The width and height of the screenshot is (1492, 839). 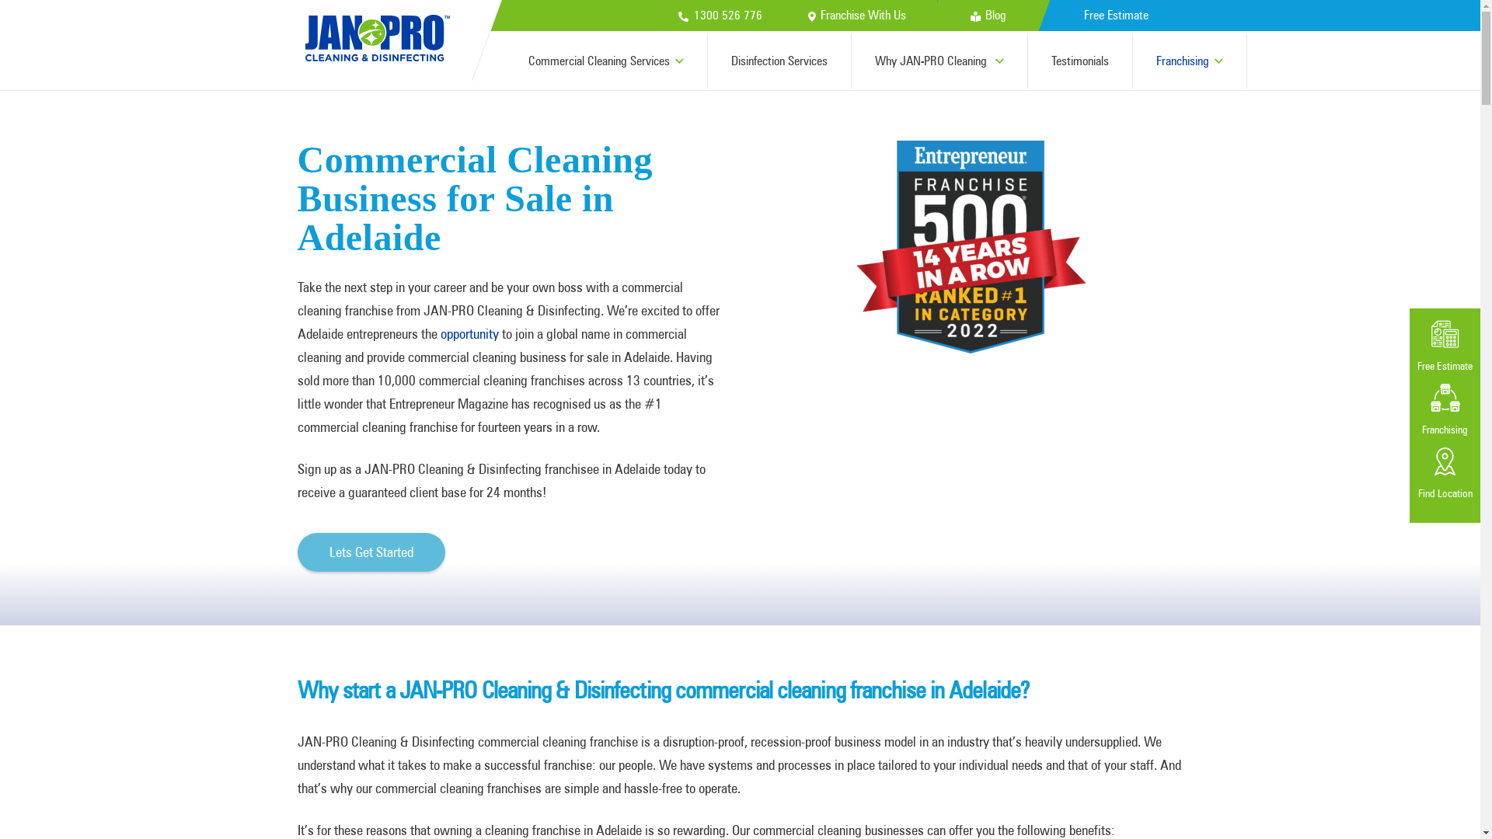 What do you see at coordinates (779, 60) in the screenshot?
I see `'Disinfection Services'` at bounding box center [779, 60].